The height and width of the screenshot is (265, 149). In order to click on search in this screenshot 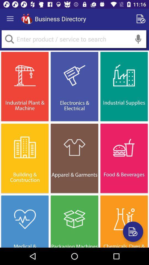, I will do `click(9, 39)`.